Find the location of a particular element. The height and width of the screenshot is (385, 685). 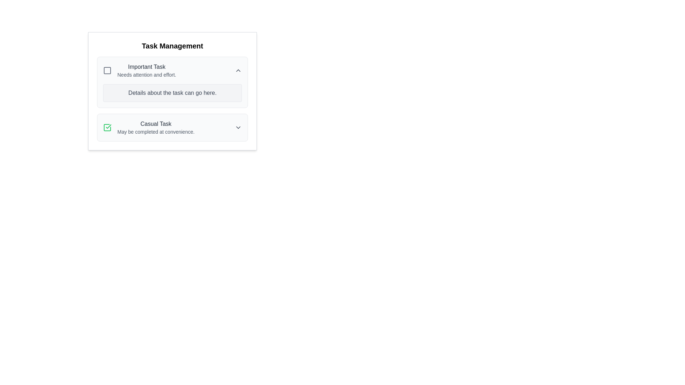

the 'Task Management' text label, which is a bold and large heading displayed at the top-center of the content section is located at coordinates (172, 46).